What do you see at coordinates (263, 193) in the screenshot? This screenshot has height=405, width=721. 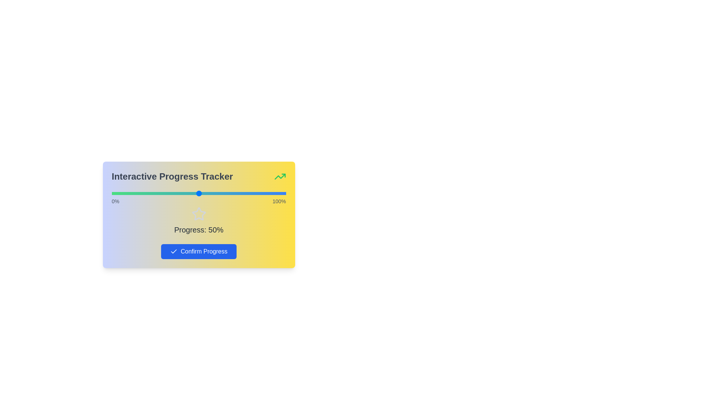 I see `the slider to set the progress percentage to 87` at bounding box center [263, 193].